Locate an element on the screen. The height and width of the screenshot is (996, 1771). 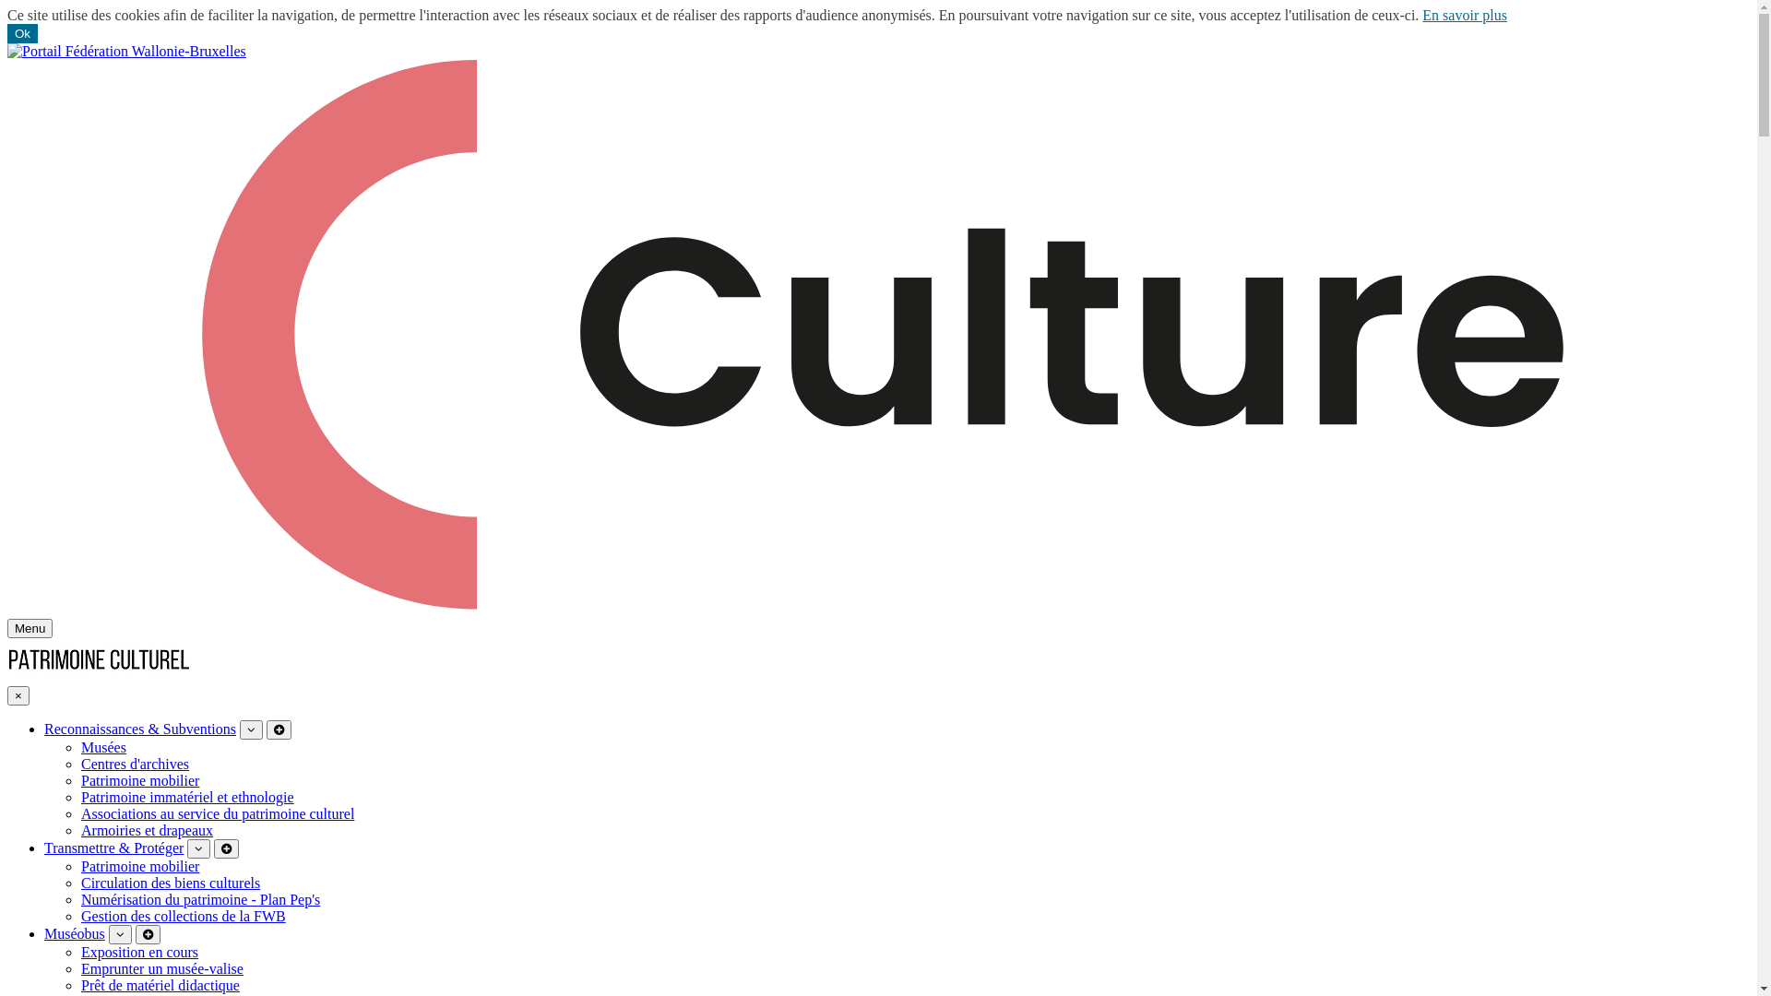
'Reconnaissances & Subventions' is located at coordinates (139, 728).